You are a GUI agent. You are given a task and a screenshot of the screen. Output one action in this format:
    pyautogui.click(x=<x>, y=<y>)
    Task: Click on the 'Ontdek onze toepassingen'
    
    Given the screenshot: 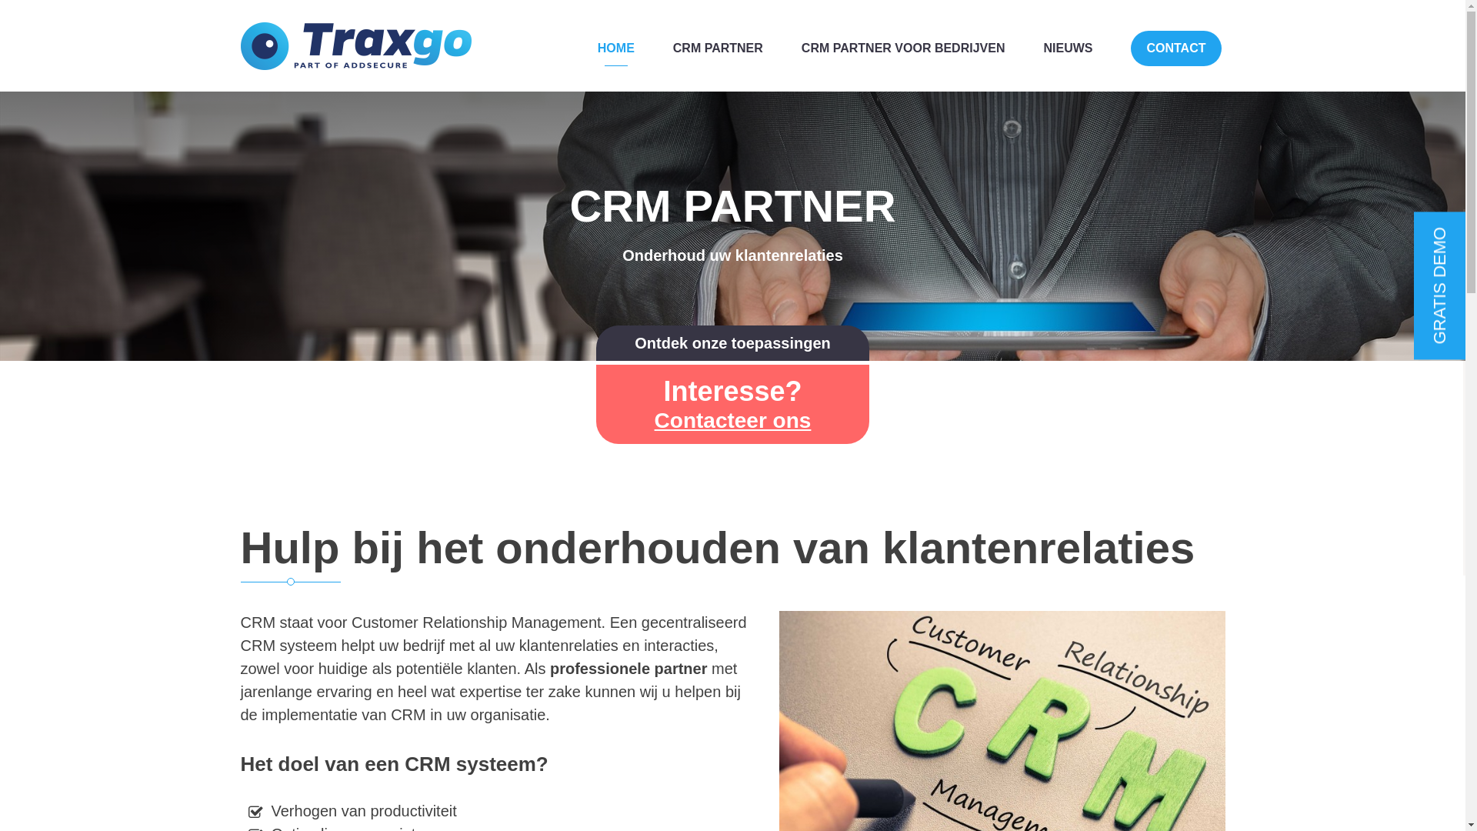 What is the action you would take?
    pyautogui.click(x=731, y=342)
    